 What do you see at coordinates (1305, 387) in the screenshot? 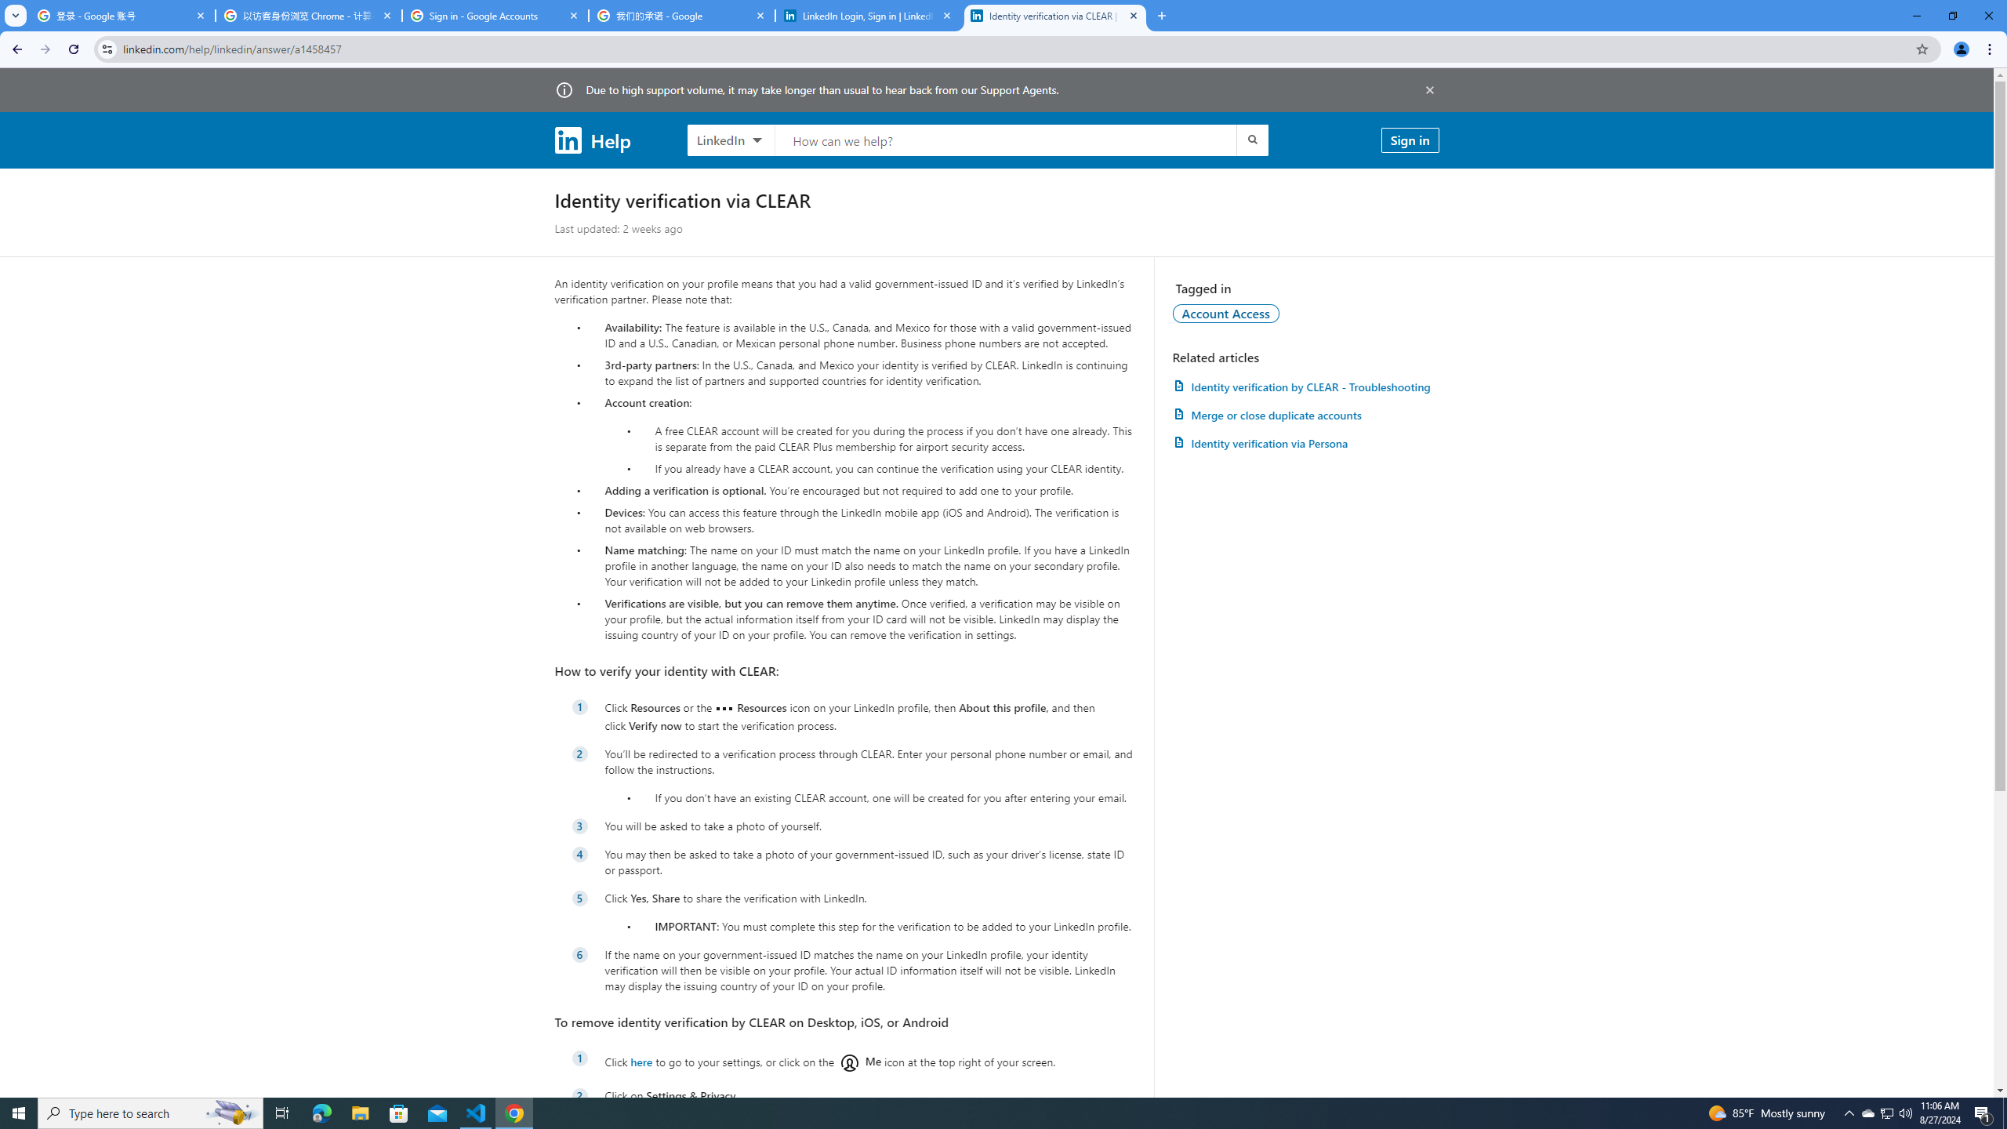
I see `'Identity verification by CLEAR - Troubleshooting'` at bounding box center [1305, 387].